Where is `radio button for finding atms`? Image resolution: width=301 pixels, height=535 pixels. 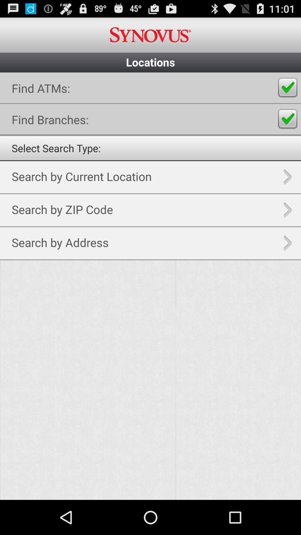 radio button for finding atms is located at coordinates (288, 87).